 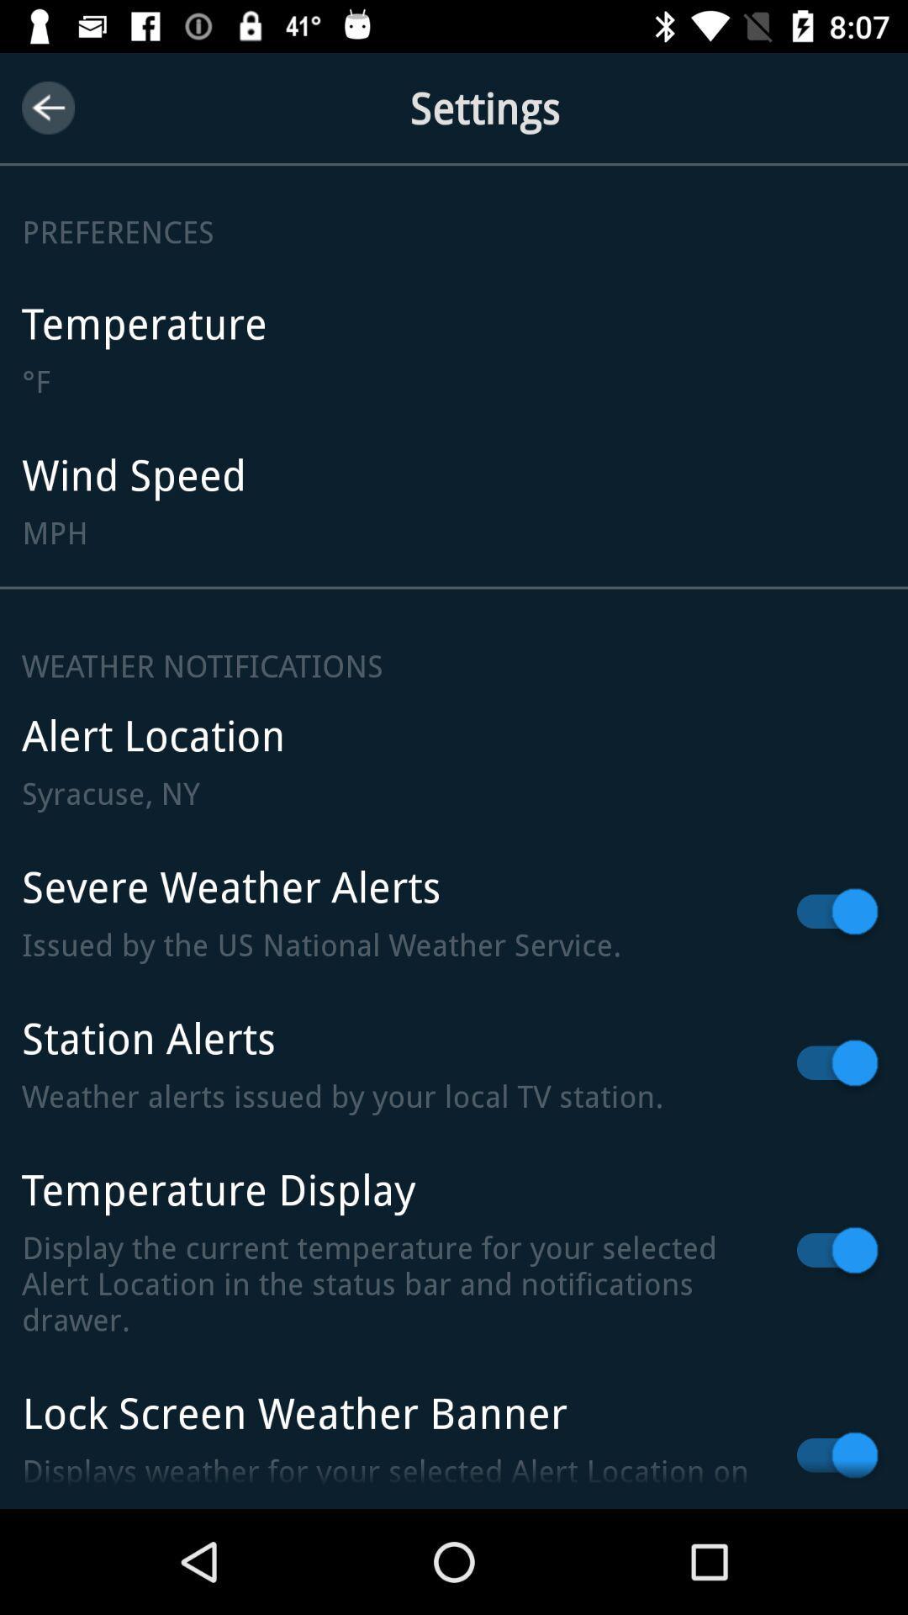 I want to click on the arrow_backward icon, so click(x=47, y=107).